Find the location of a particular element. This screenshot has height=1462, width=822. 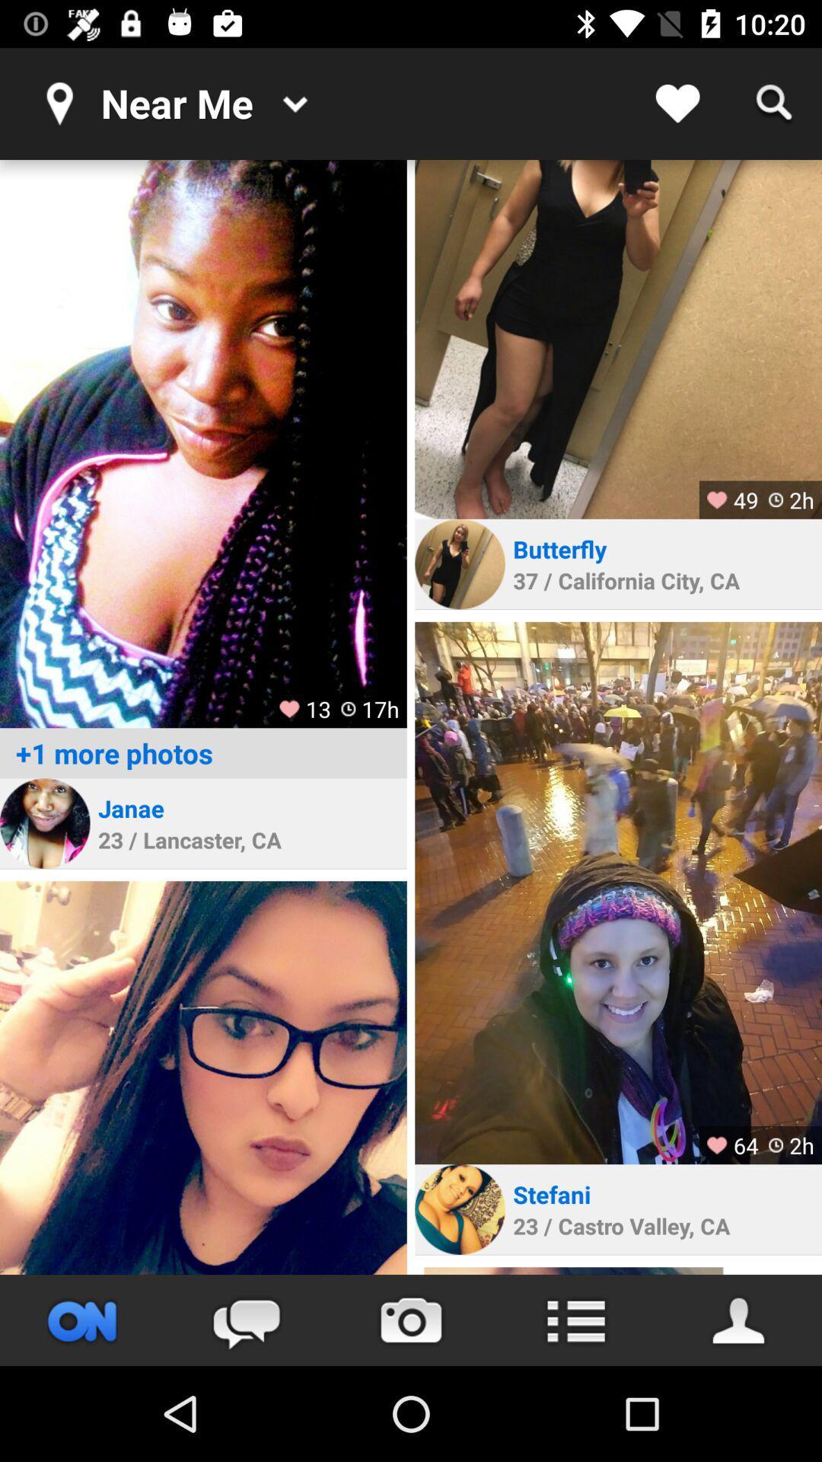

the list icon is located at coordinates (575, 1320).